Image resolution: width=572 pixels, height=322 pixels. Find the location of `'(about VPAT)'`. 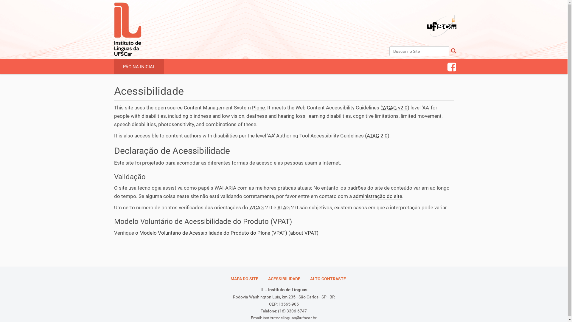

'(about VPAT)' is located at coordinates (303, 233).